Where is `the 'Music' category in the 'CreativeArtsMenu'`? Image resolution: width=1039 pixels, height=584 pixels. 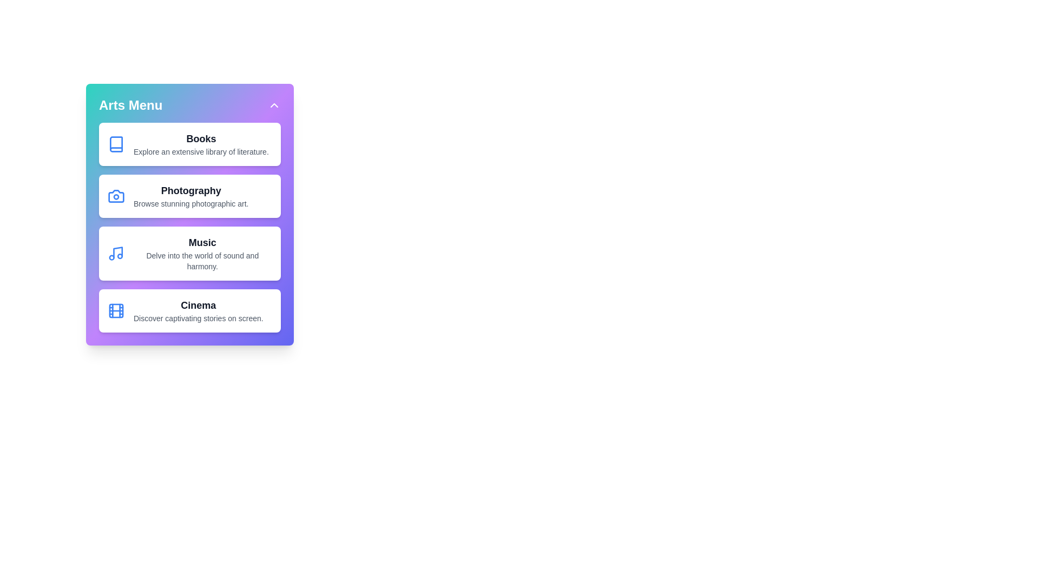 the 'Music' category in the 'CreativeArtsMenu' is located at coordinates (202, 254).